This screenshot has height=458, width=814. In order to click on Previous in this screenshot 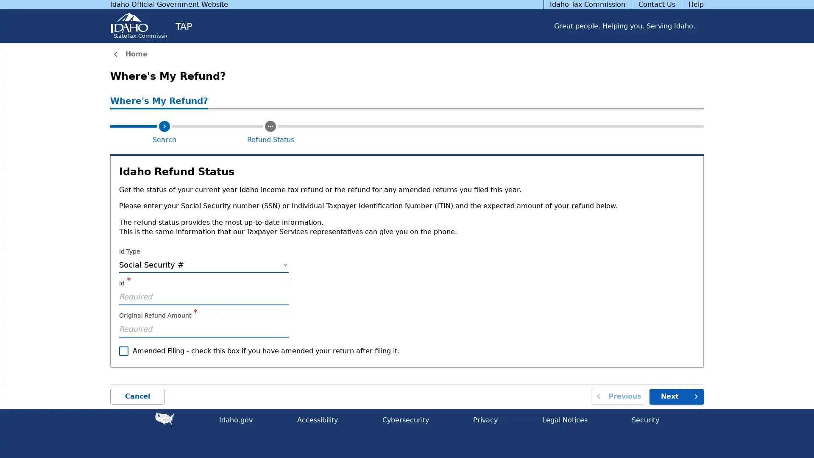, I will do `click(618, 396)`.